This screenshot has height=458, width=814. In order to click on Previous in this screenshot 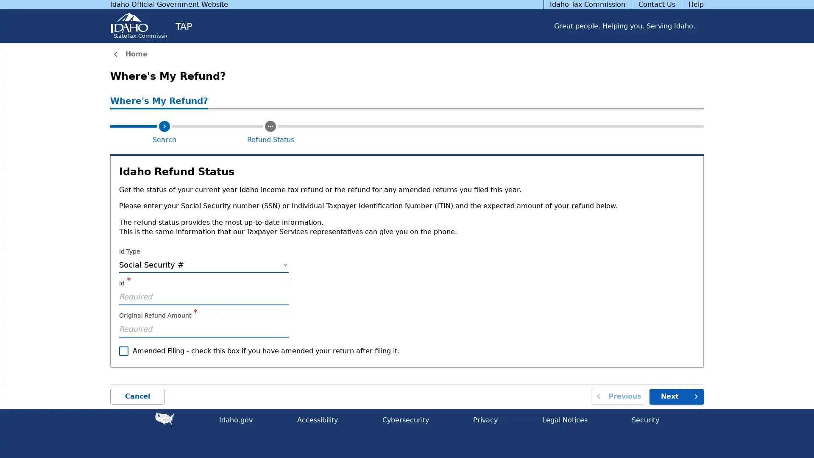, I will do `click(618, 396)`.